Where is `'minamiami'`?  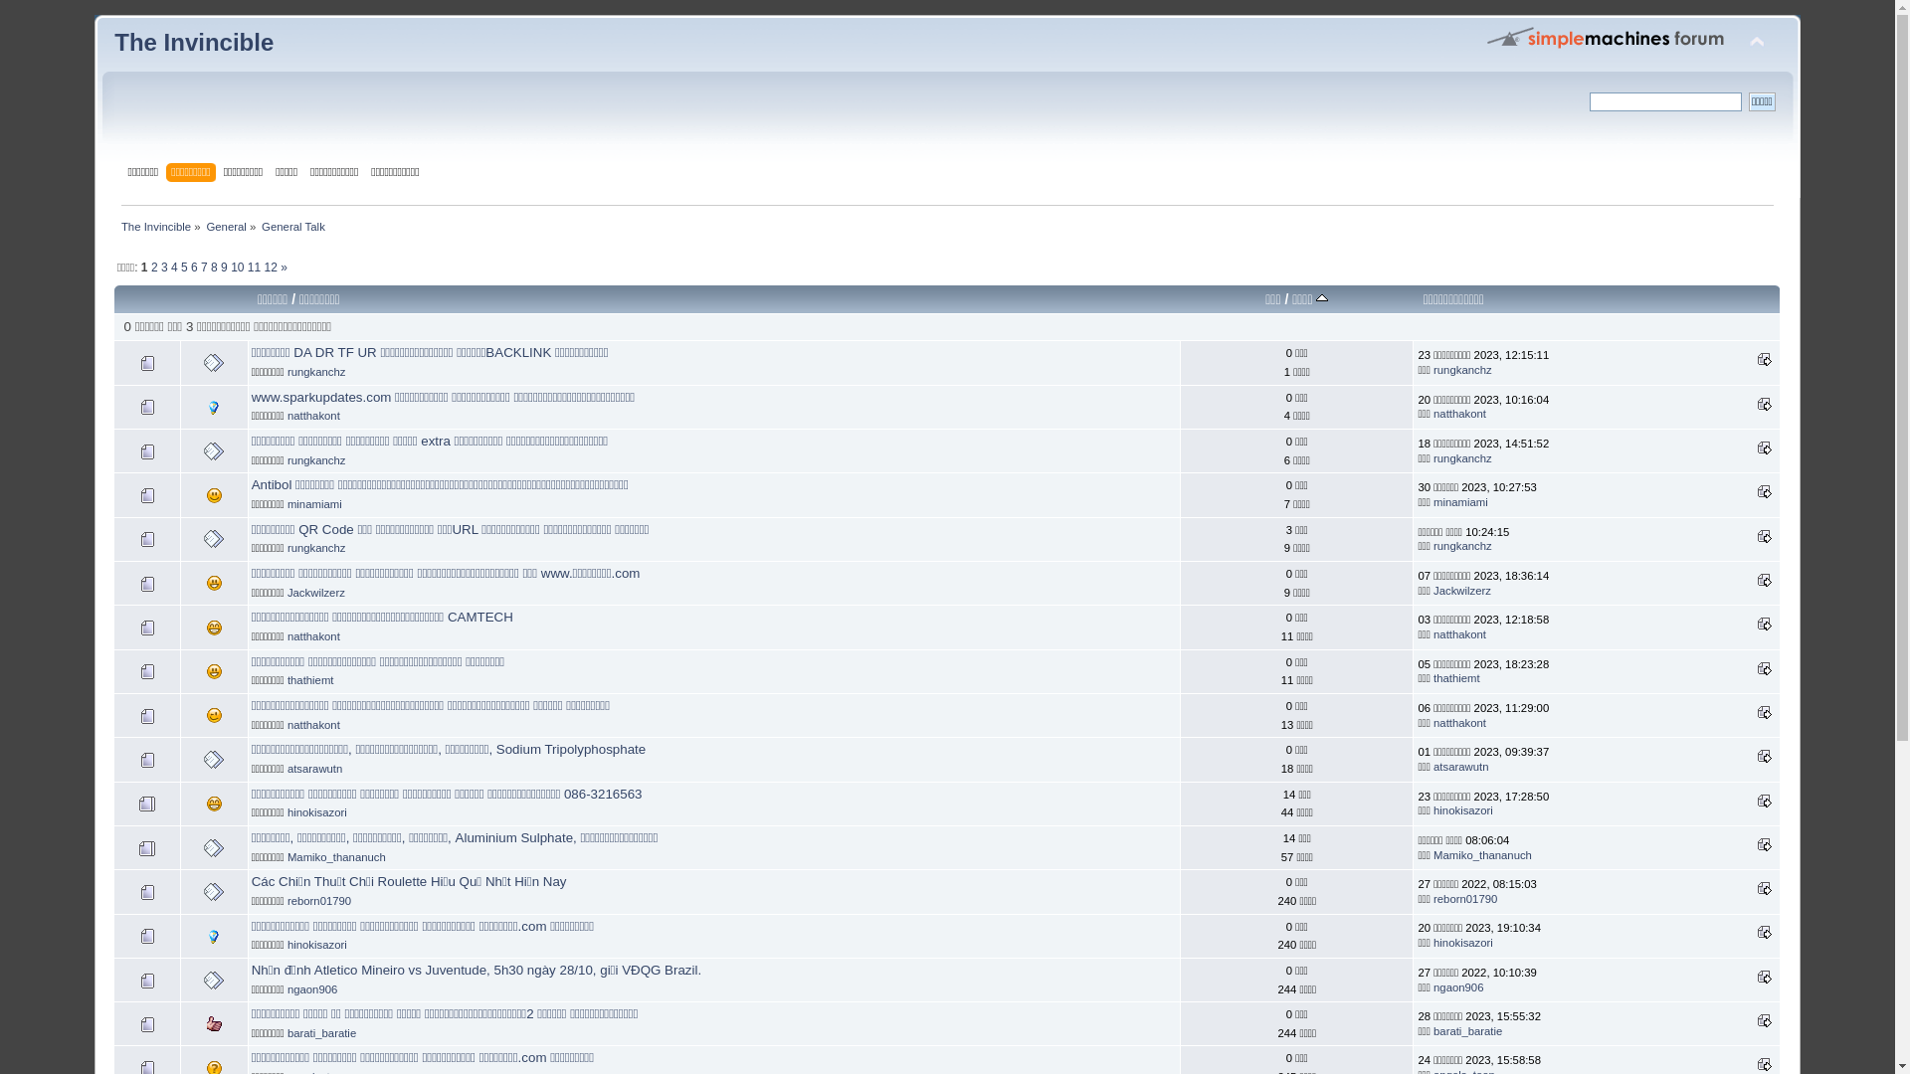 'minamiami' is located at coordinates (313, 502).